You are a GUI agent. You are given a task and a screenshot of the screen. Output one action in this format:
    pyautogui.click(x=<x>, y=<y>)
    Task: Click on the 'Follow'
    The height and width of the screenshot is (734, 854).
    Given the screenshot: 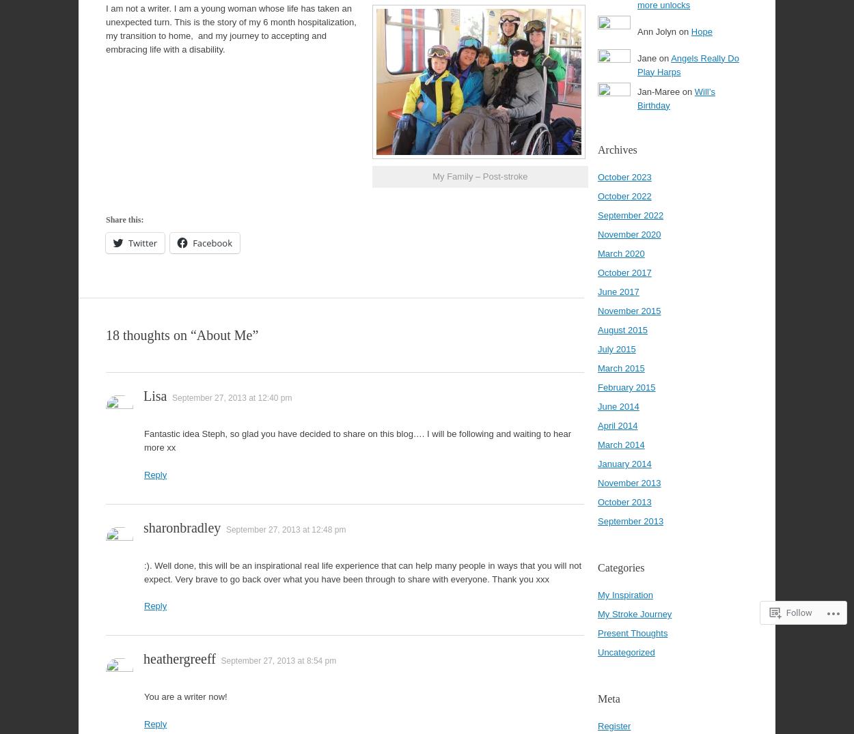 What is the action you would take?
    pyautogui.click(x=799, y=612)
    